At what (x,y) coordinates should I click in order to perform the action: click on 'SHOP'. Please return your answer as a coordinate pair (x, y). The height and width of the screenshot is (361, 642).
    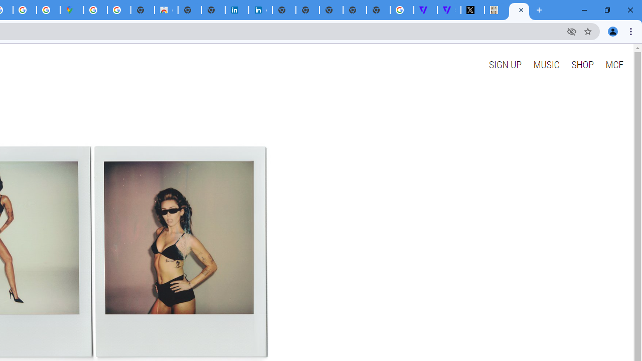
    Looking at the image, I should click on (582, 64).